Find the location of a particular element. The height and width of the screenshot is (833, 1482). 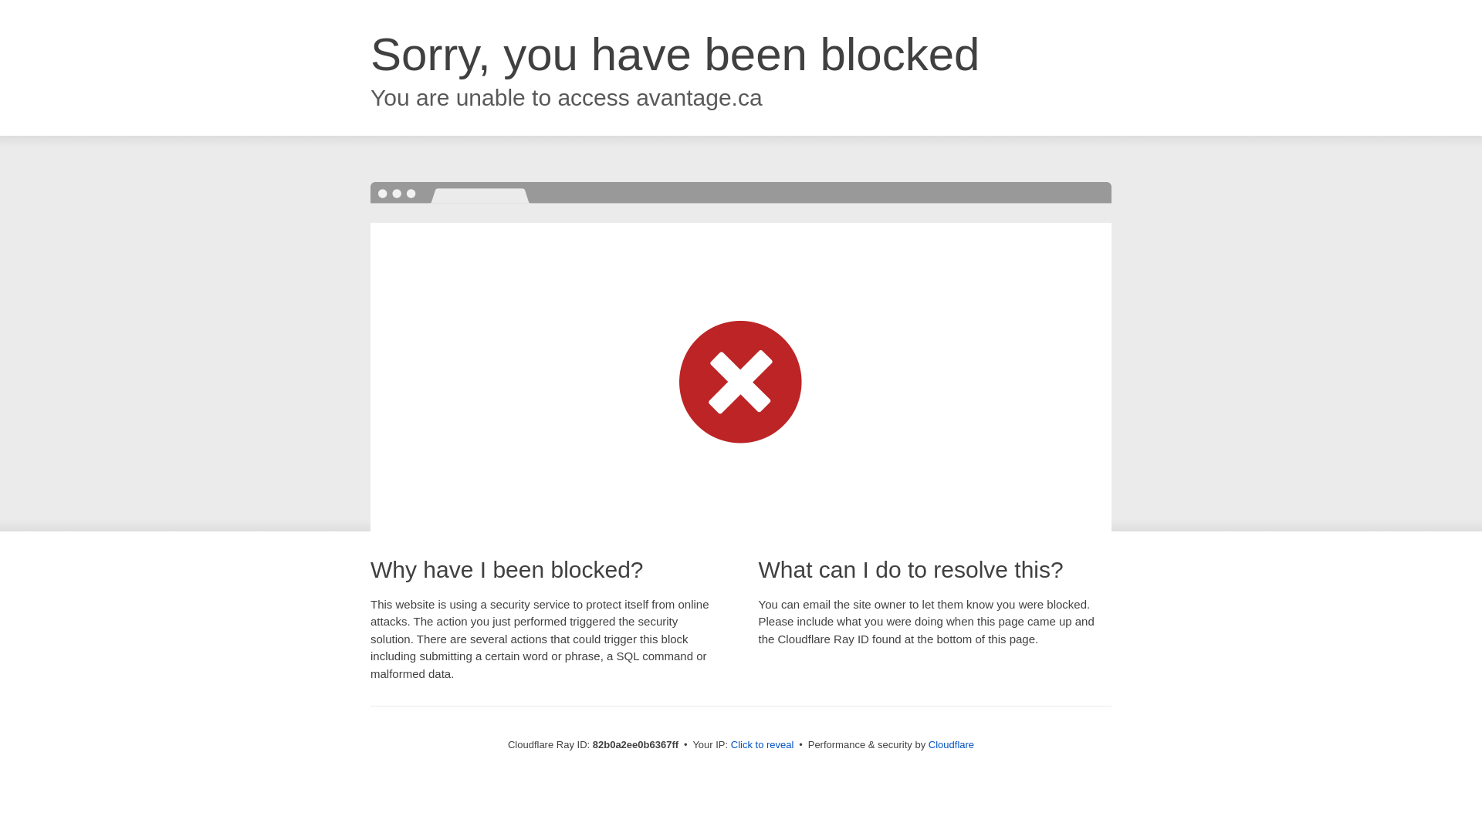

'Click to reveal' is located at coordinates (763, 744).